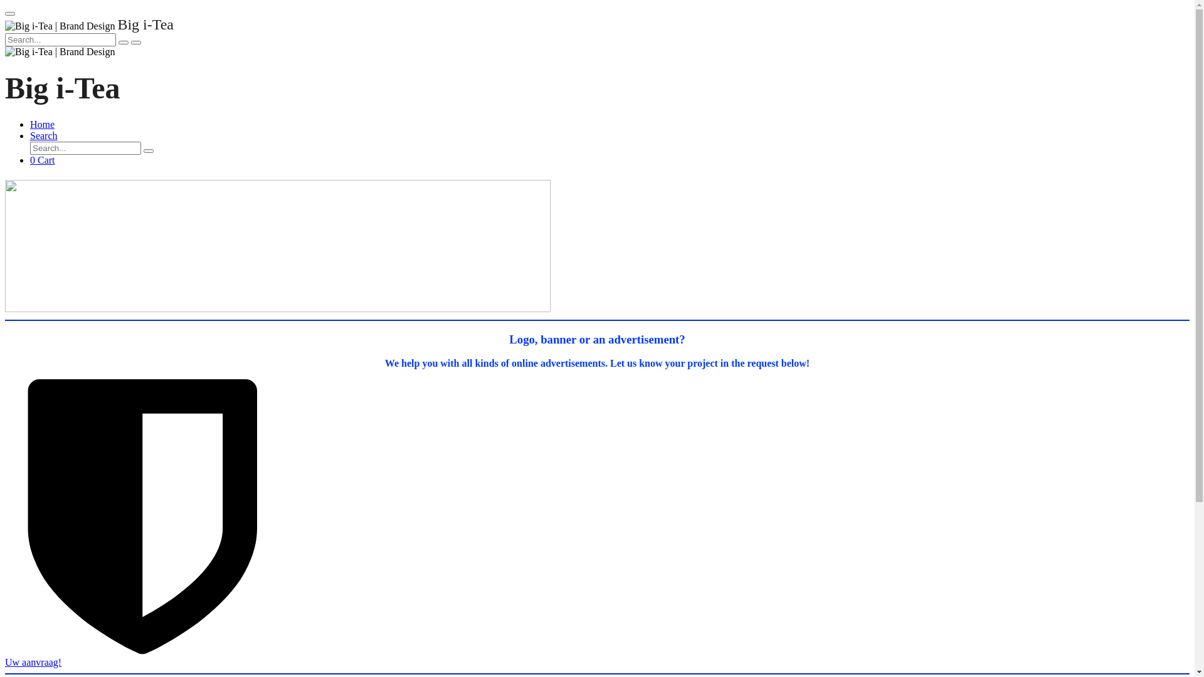 This screenshot has height=677, width=1204. I want to click on 'Search', so click(44, 135).